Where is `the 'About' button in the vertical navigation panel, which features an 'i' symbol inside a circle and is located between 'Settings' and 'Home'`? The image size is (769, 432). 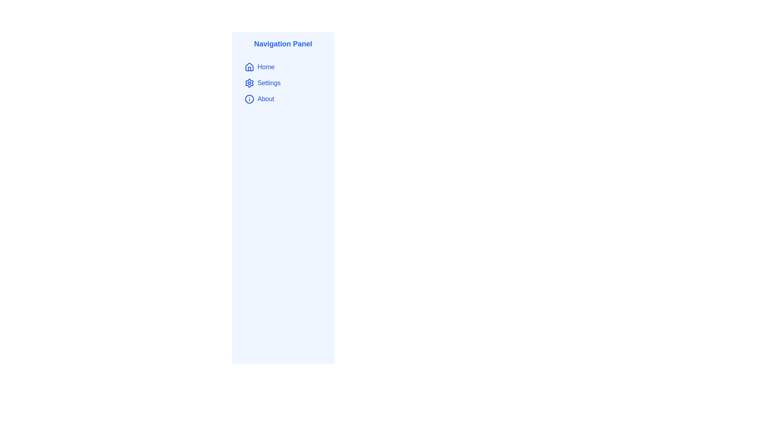
the 'About' button in the vertical navigation panel, which features an 'i' symbol inside a circle and is located between 'Settings' and 'Home' is located at coordinates (283, 98).